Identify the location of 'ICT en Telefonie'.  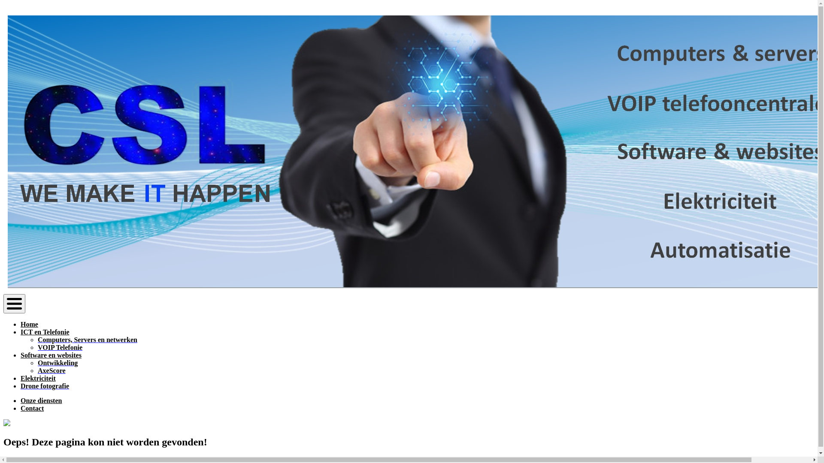
(45, 331).